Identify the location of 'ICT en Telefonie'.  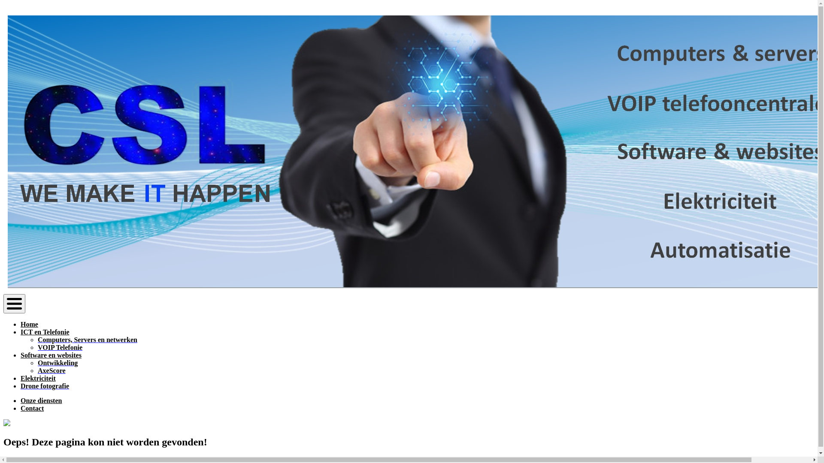
(45, 331).